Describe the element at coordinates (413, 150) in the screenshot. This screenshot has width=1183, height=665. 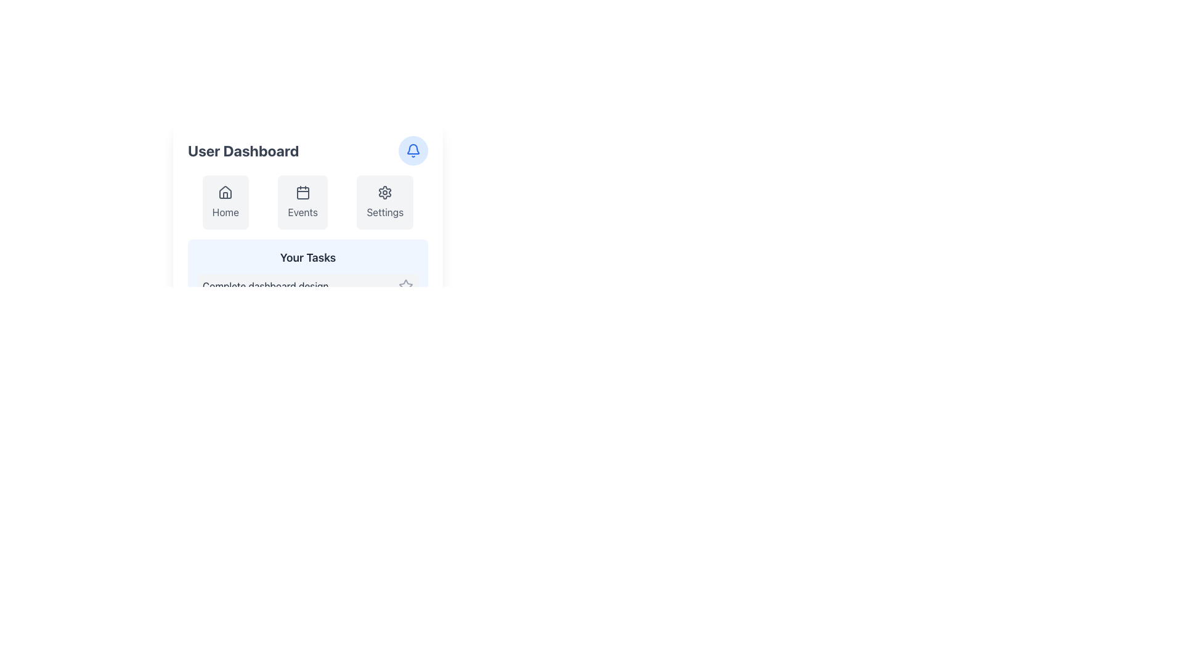
I see `the blue bell icon located in the top right corner of the user dashboard` at that location.